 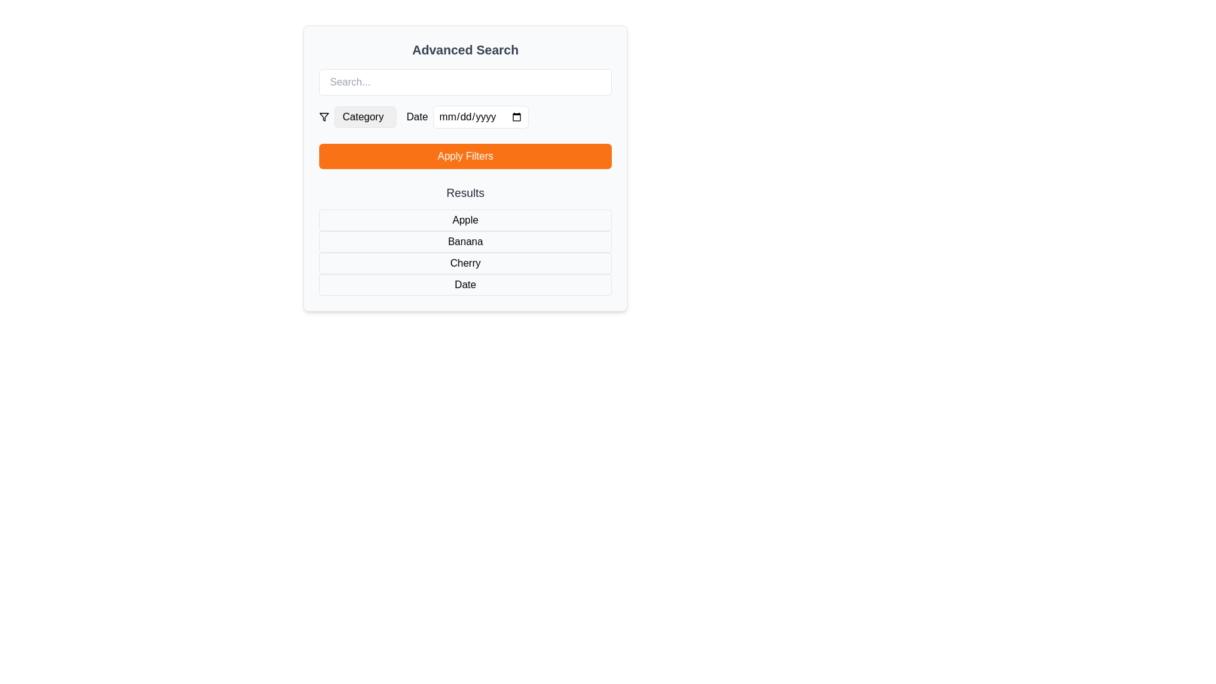 I want to click on the filtering icon located to the left of the 'Category' text and dropdown input, so click(x=324, y=117).